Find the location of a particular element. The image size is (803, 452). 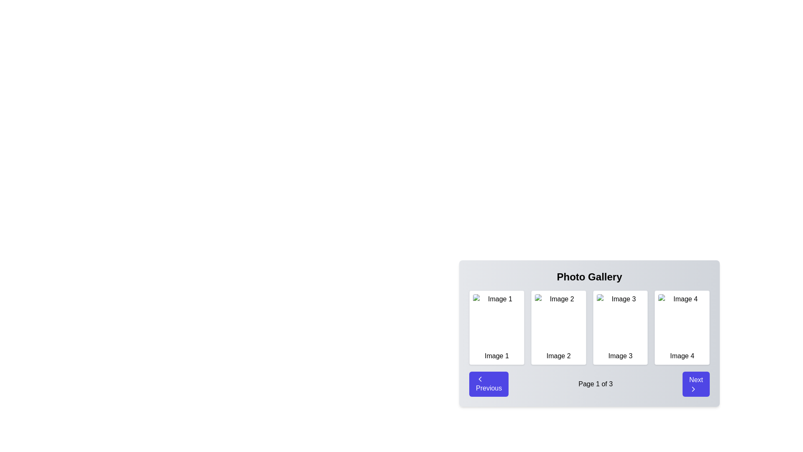

the 'Next' button, which has a purple background and white text with a right-pointing chevron icon, located at the bottom-right corner of the interface is located at coordinates (696, 384).